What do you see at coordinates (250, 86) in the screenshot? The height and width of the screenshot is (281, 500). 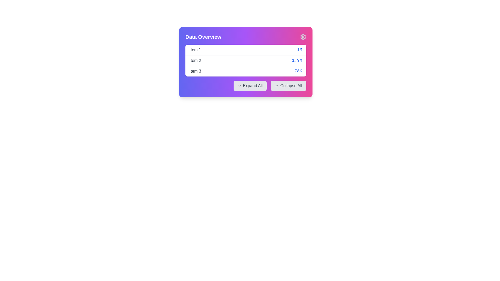 I see `the 'Expand All' button, which is a rectangular interactive button with a light gray background and a downward-facing chevron icon, located near the center of the interface underneath the 'Data Overview' titled box` at bounding box center [250, 86].